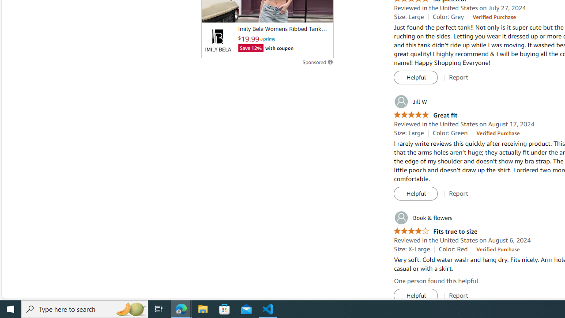  What do you see at coordinates (415, 295) in the screenshot?
I see `'Helpful'` at bounding box center [415, 295].